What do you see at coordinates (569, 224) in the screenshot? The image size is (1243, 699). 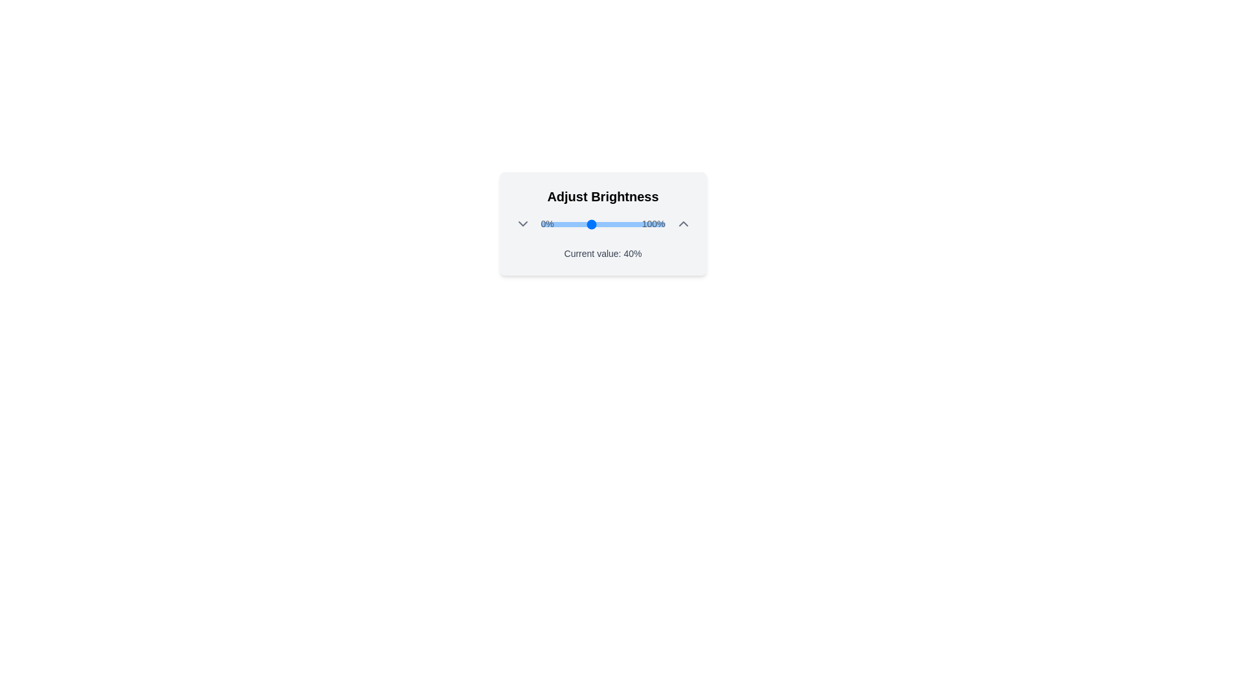 I see `brightness level` at bounding box center [569, 224].